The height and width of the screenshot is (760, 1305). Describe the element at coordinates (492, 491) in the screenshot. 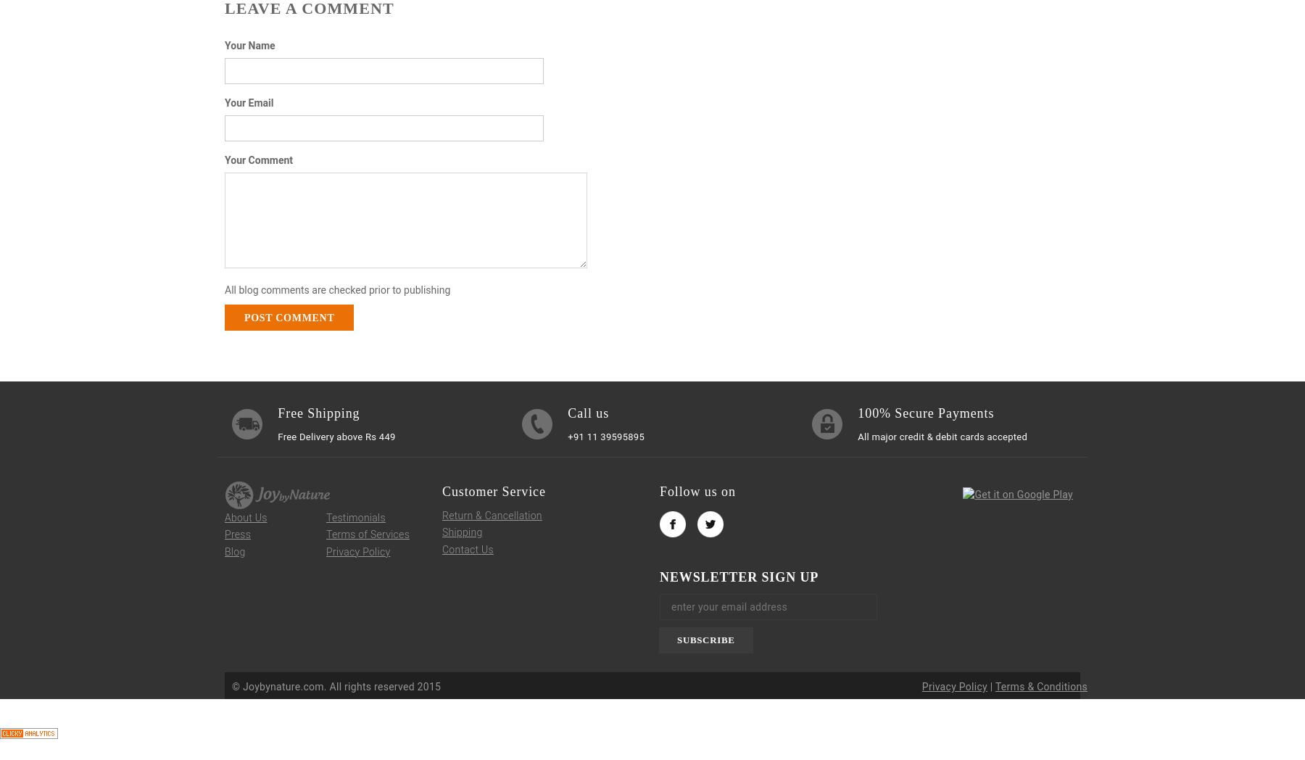

I see `'Customer Service'` at that location.